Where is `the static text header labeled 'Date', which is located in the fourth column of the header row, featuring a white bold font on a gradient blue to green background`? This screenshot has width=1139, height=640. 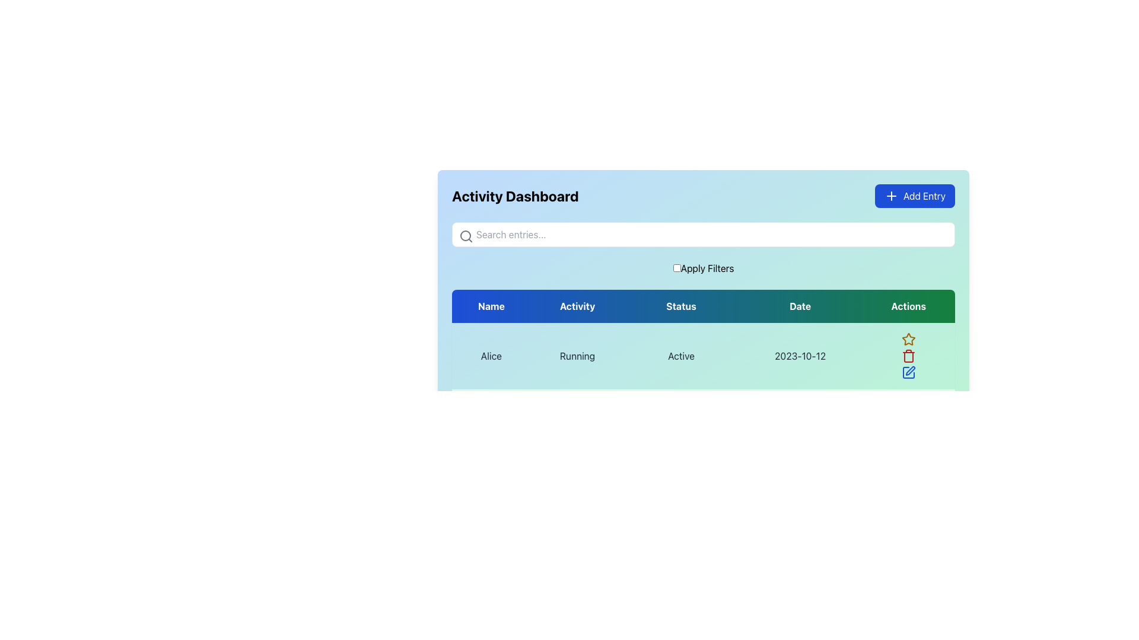
the static text header labeled 'Date', which is located in the fourth column of the header row, featuring a white bold font on a gradient blue to green background is located at coordinates (800, 305).